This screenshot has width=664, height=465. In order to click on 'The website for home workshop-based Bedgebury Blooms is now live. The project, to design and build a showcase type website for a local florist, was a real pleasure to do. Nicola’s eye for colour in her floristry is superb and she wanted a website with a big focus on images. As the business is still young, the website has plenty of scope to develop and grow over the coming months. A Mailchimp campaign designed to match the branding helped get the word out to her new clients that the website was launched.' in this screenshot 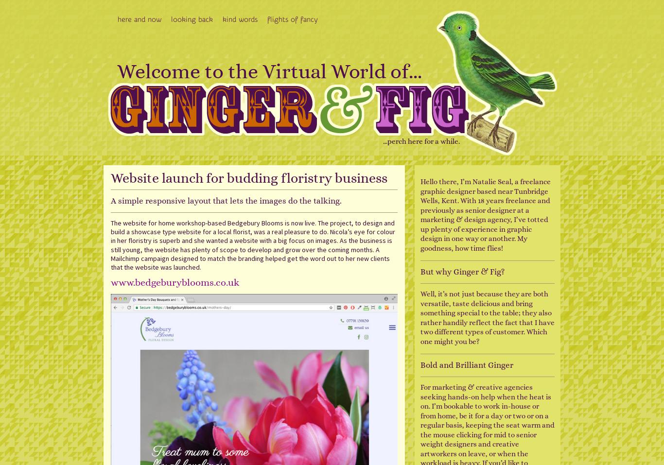, I will do `click(253, 245)`.